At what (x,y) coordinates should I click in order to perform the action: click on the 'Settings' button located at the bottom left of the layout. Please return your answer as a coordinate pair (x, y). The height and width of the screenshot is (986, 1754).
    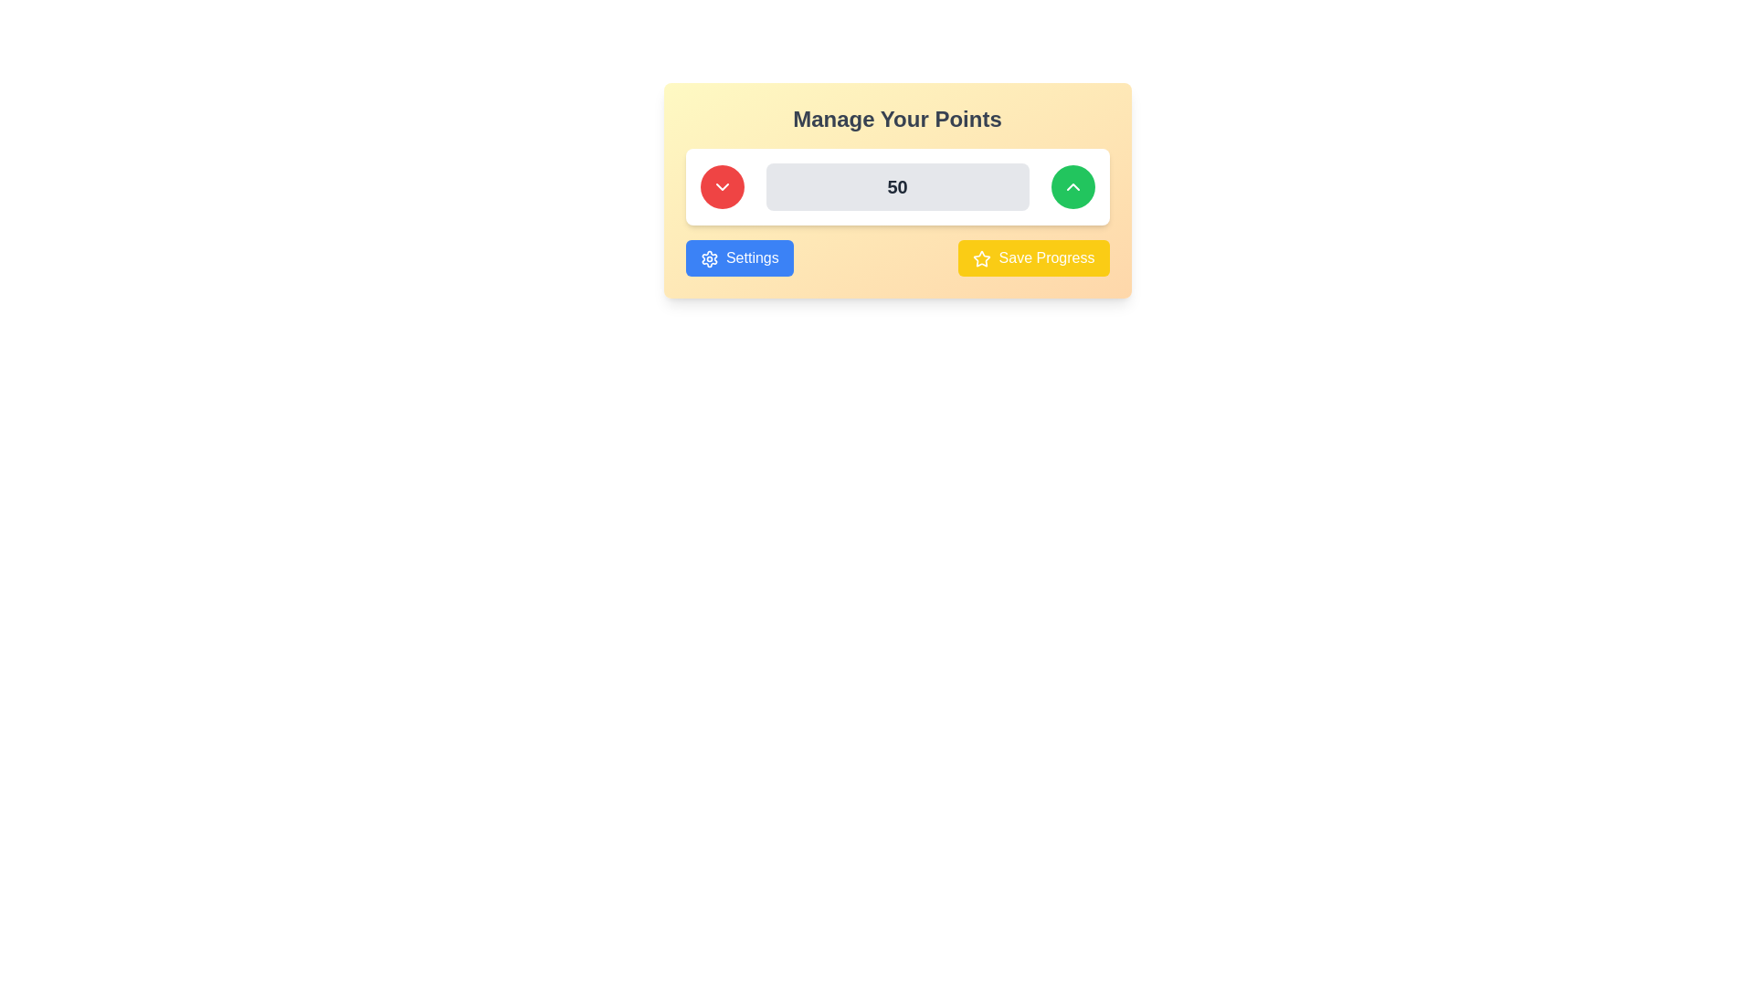
    Looking at the image, I should click on (739, 257).